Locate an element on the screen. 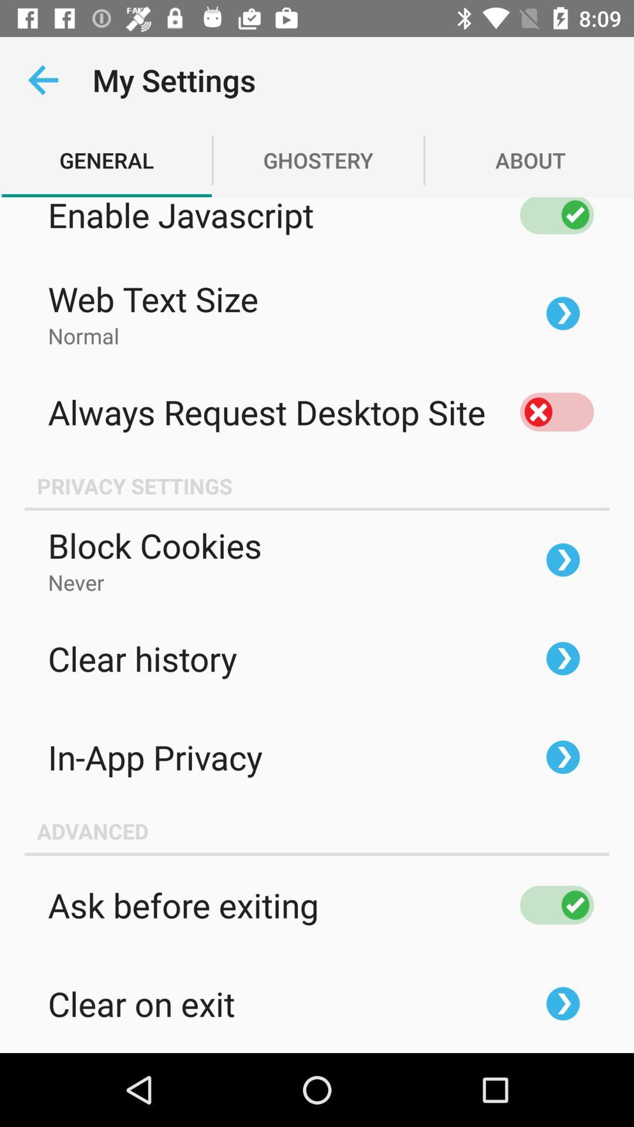 Image resolution: width=634 pixels, height=1127 pixels. the app next to the my settings is located at coordinates (42, 79).